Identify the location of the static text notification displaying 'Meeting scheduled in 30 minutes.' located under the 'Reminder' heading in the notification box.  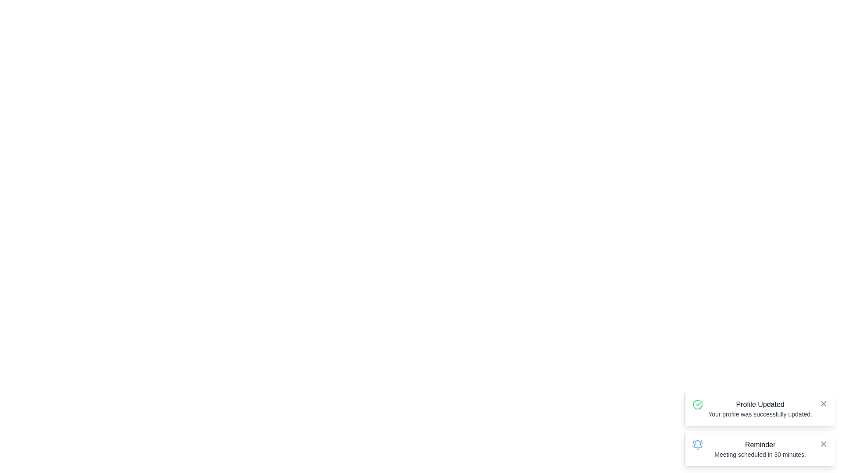
(760, 454).